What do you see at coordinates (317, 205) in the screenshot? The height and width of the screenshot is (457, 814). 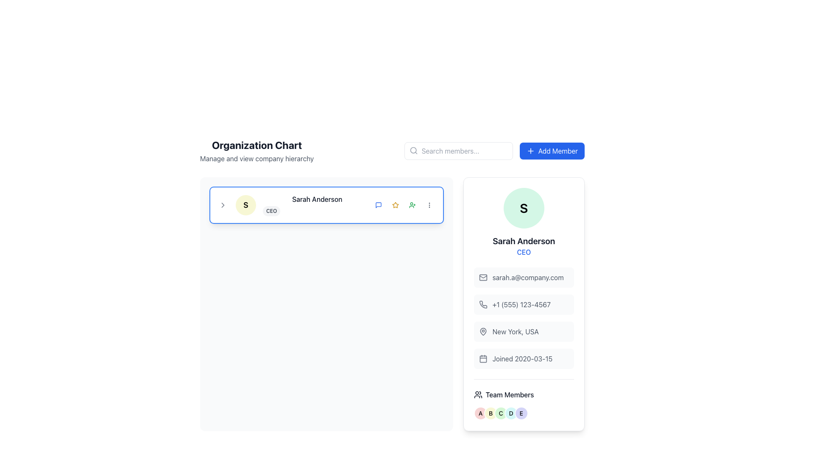 I see `the Text display that shows the name 'Sarah Anderson' and the title 'CEO', located centrally within a horizontal card with a blue border` at bounding box center [317, 205].